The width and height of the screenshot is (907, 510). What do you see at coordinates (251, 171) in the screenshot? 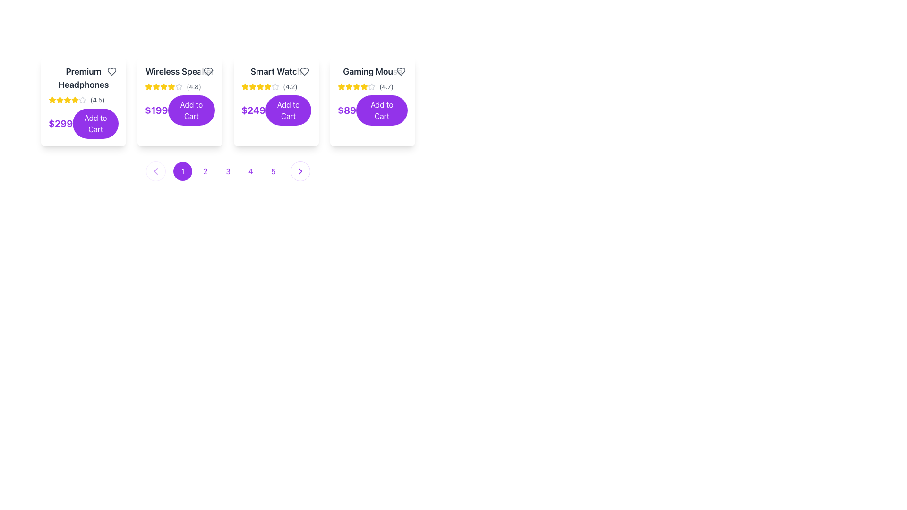
I see `the circular button with the purple numeral '4' at its center` at bounding box center [251, 171].